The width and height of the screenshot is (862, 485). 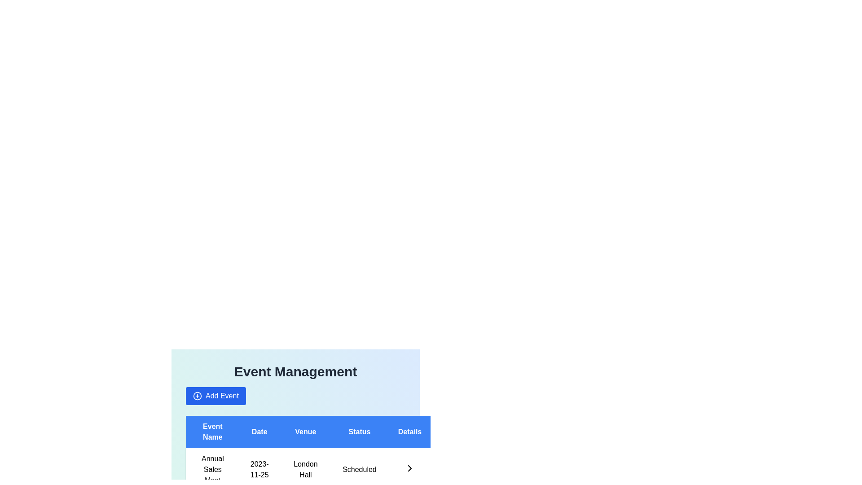 I want to click on the Table Header Row, which serves as the header for a data table and spans the entire width, providing labels for the columns below, so click(x=309, y=431).